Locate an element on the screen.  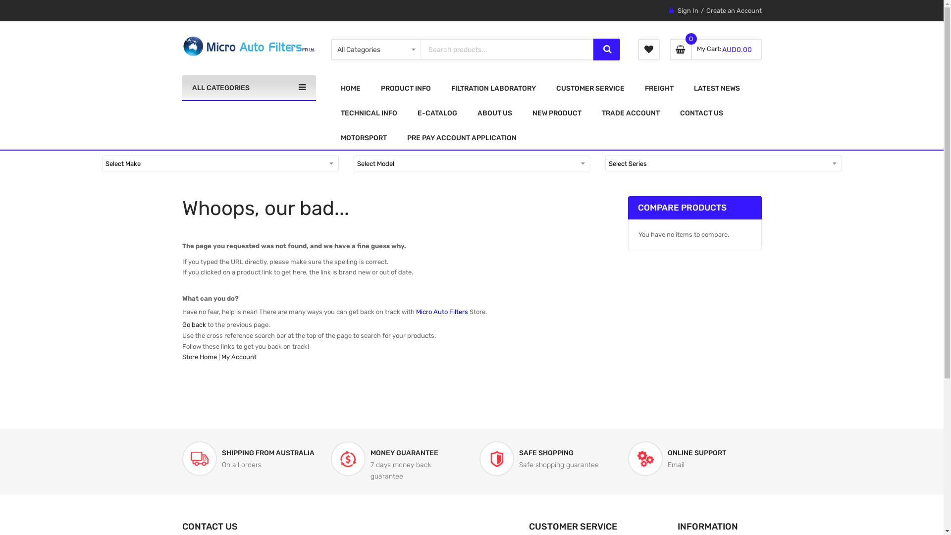
'My Account' is located at coordinates (220, 357).